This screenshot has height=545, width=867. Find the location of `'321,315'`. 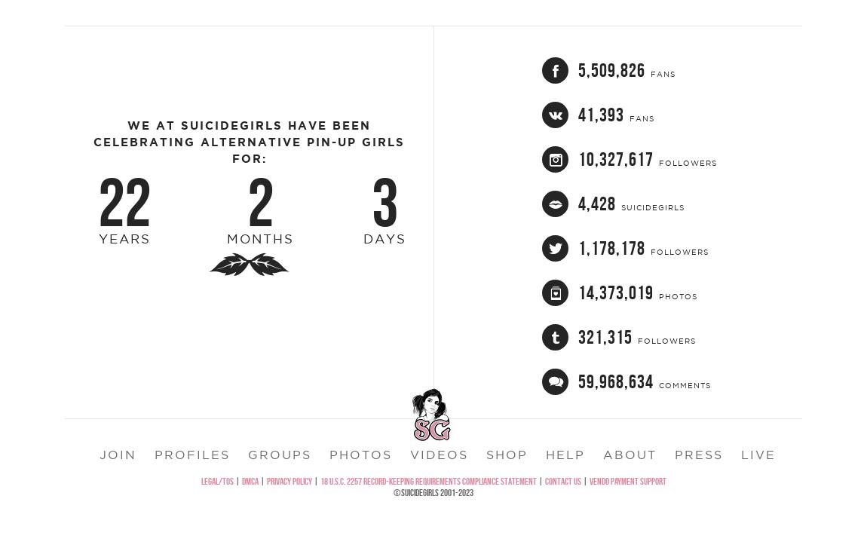

'321,315' is located at coordinates (604, 374).